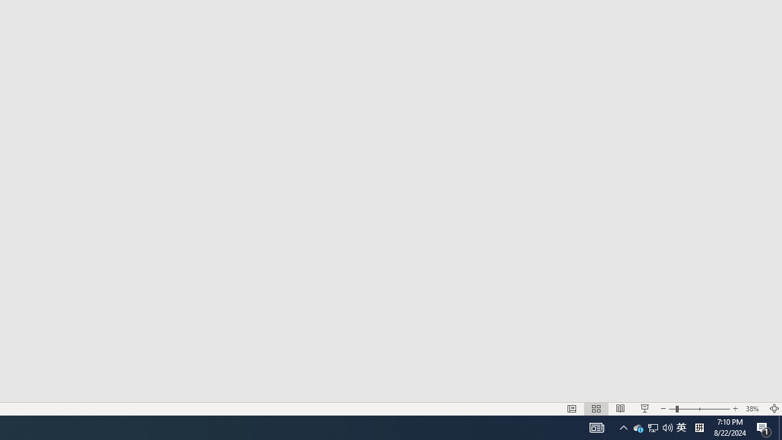 Image resolution: width=782 pixels, height=440 pixels. I want to click on 'Zoom 38%', so click(753, 409).